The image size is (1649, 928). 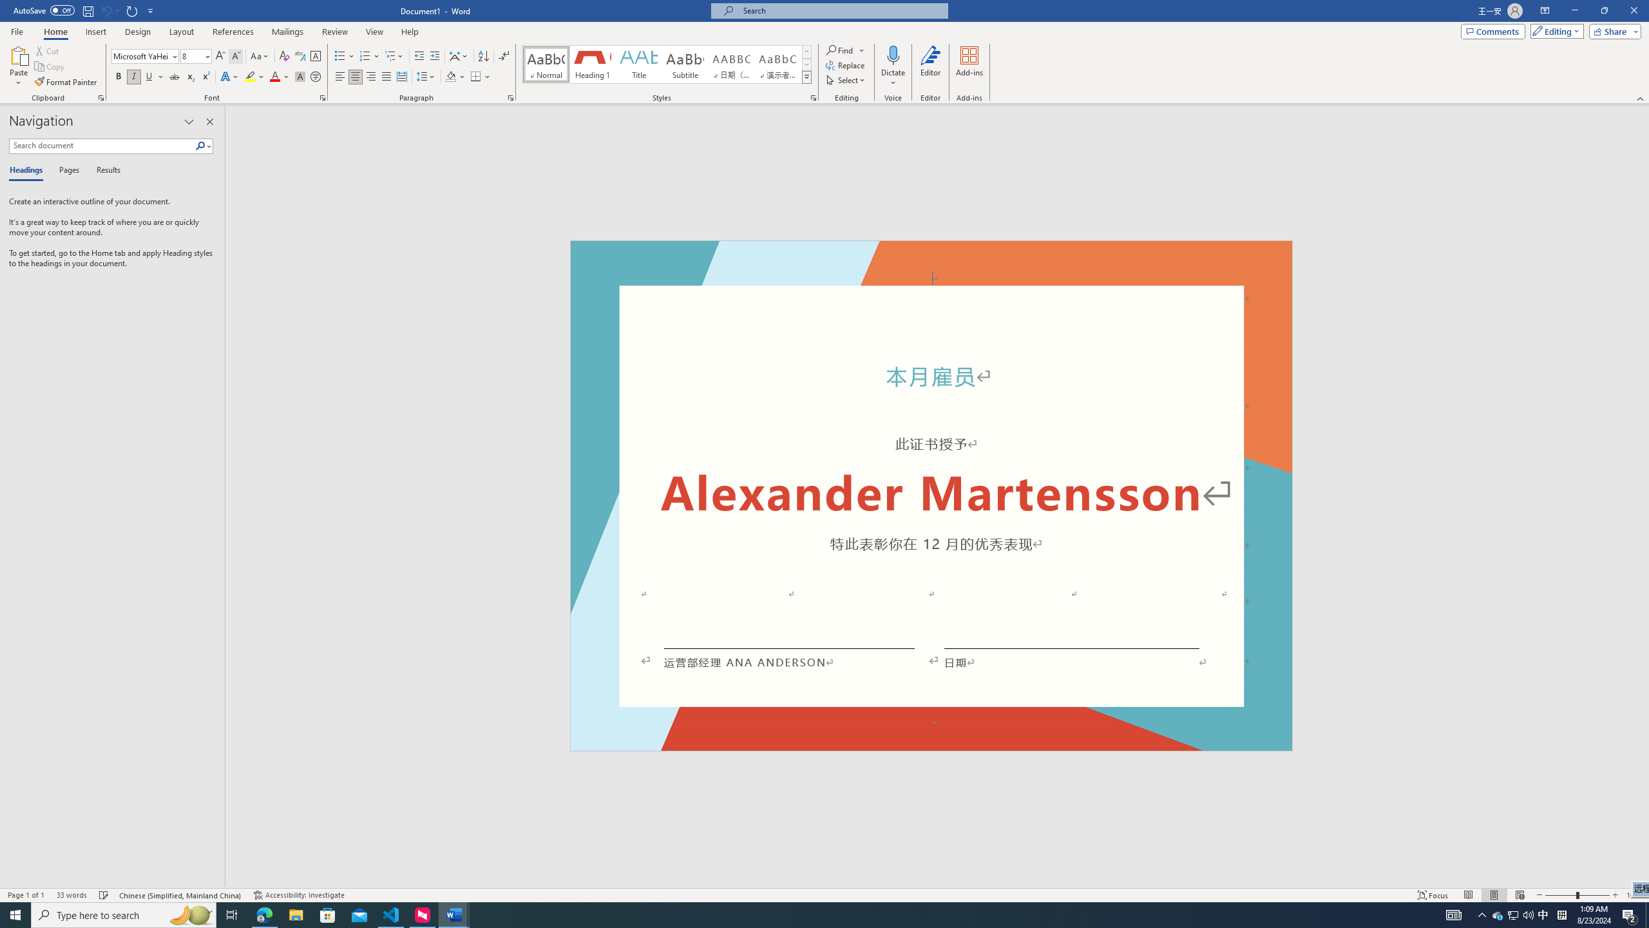 What do you see at coordinates (459, 56) in the screenshot?
I see `'Asian Layout'` at bounding box center [459, 56].